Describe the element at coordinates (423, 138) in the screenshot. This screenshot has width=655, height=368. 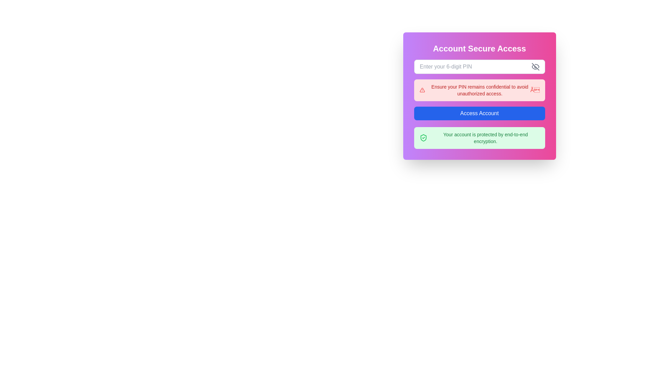
I see `the shield icon with a green checkmark inside, symbolizing protection, located within the greenish light notification box, to the left of the text 'Your account is protected by end-to-end encryption.'` at that location.